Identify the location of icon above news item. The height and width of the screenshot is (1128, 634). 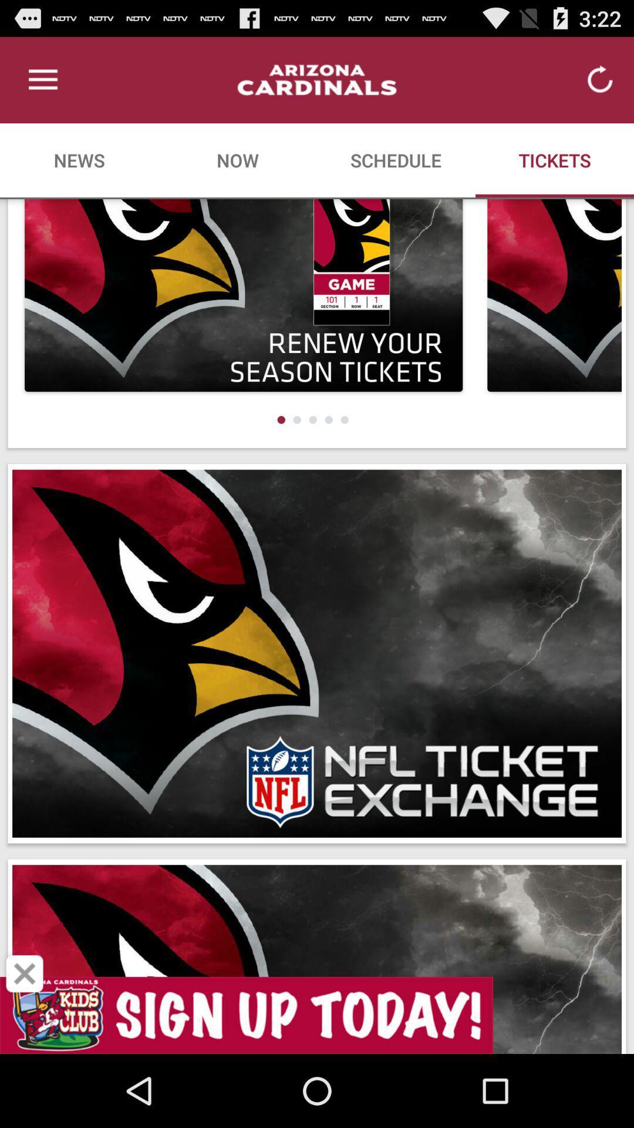
(42, 79).